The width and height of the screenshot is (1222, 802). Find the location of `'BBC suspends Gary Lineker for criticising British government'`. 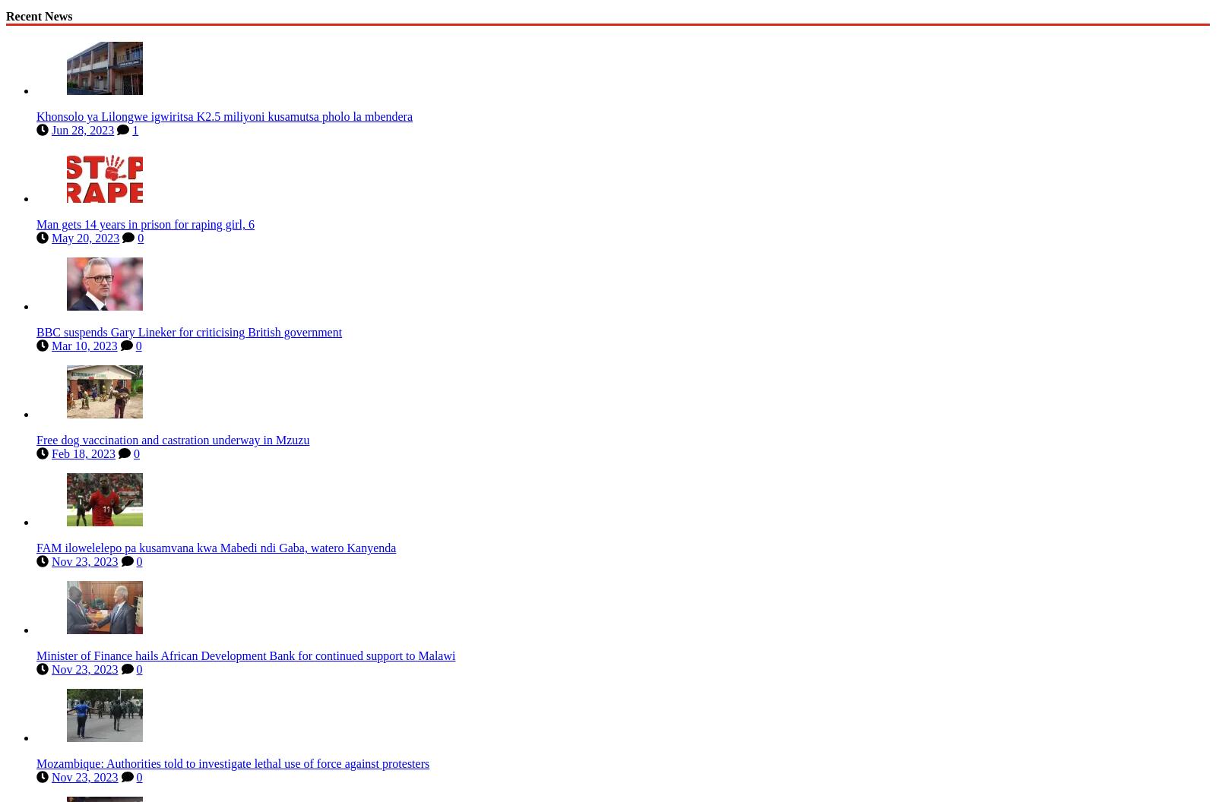

'BBC suspends Gary Lineker for criticising British government' is located at coordinates (189, 329).